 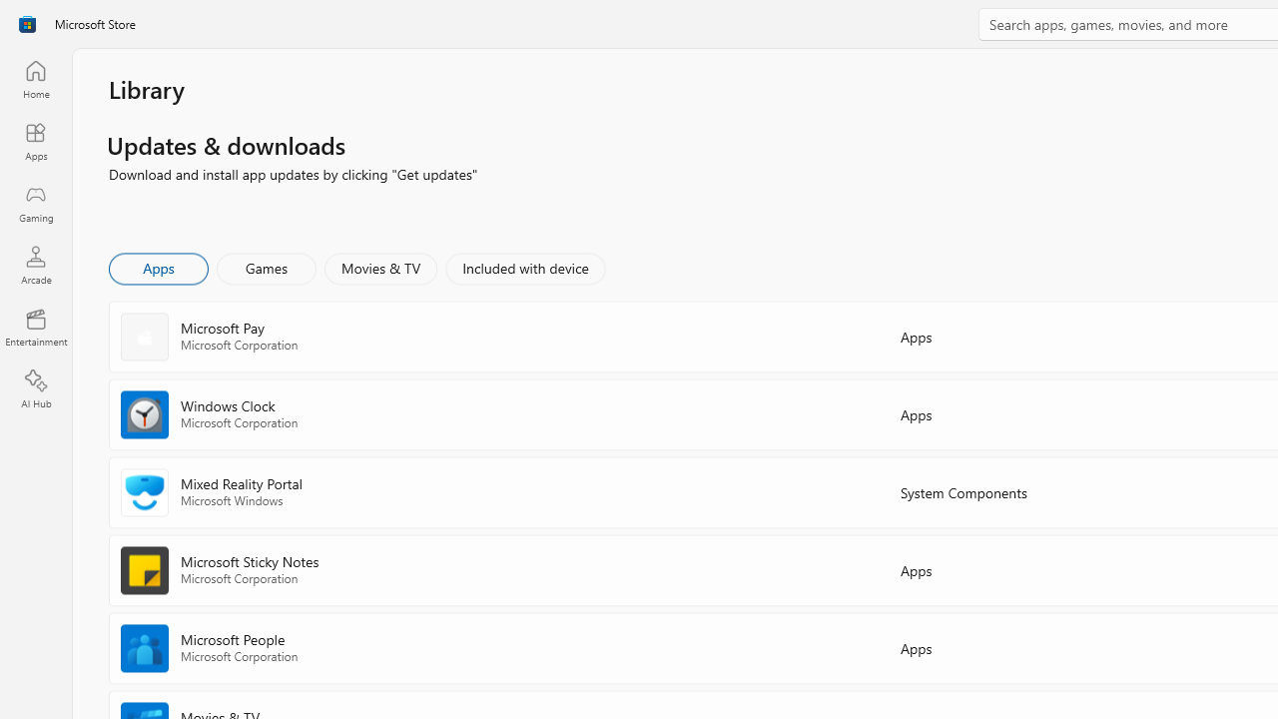 I want to click on 'Games', so click(x=266, y=267).